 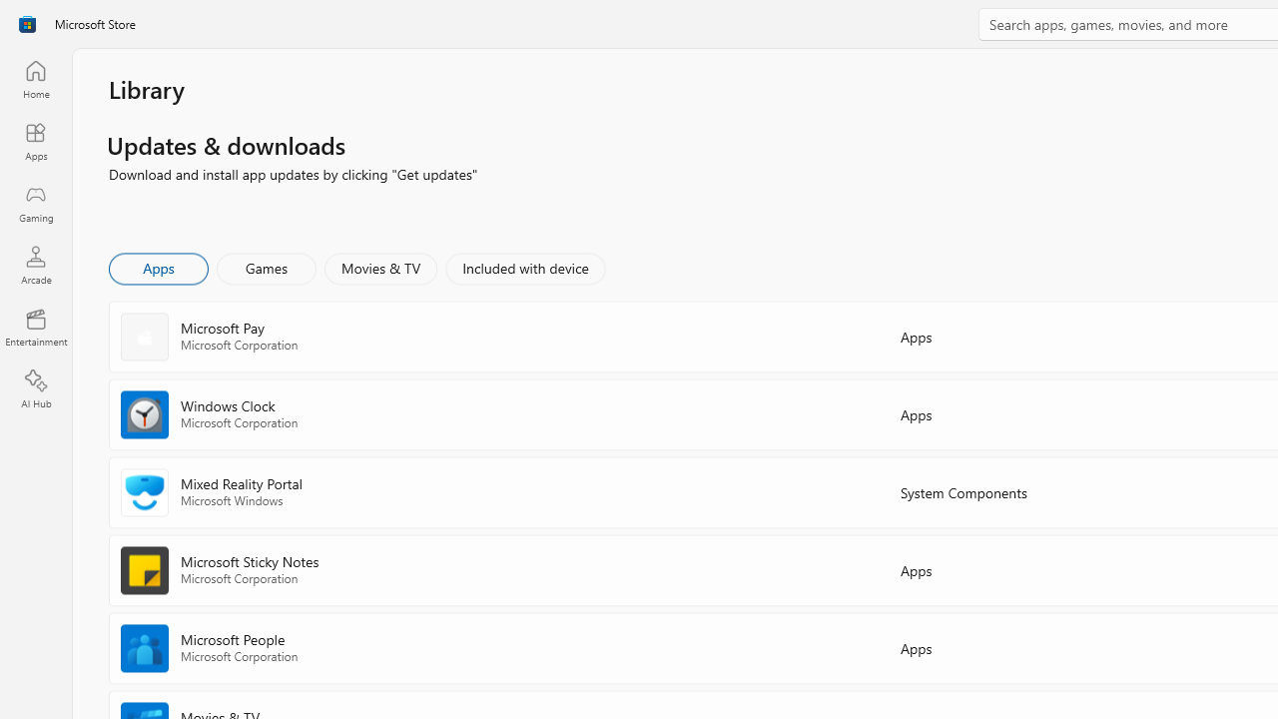 I want to click on 'Games', so click(x=266, y=267).